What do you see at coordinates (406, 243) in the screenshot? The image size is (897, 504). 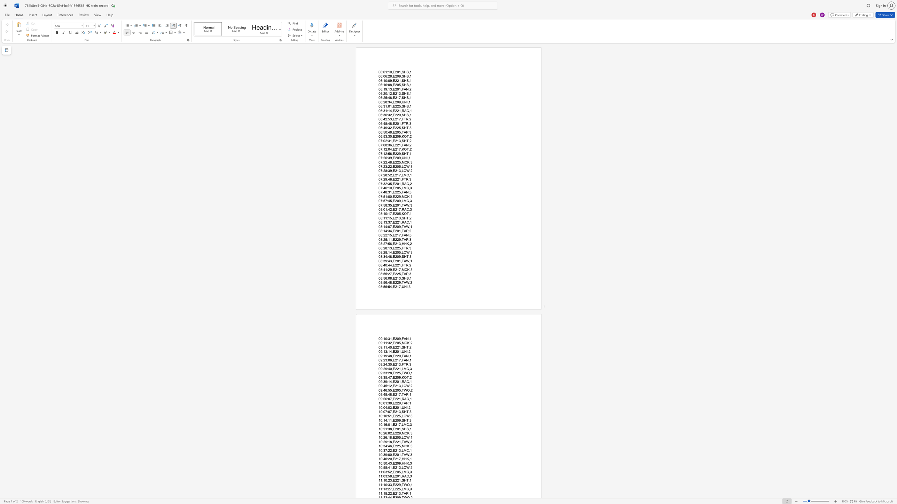 I see `the space between the continuous character "H" and "K" in the text` at bounding box center [406, 243].